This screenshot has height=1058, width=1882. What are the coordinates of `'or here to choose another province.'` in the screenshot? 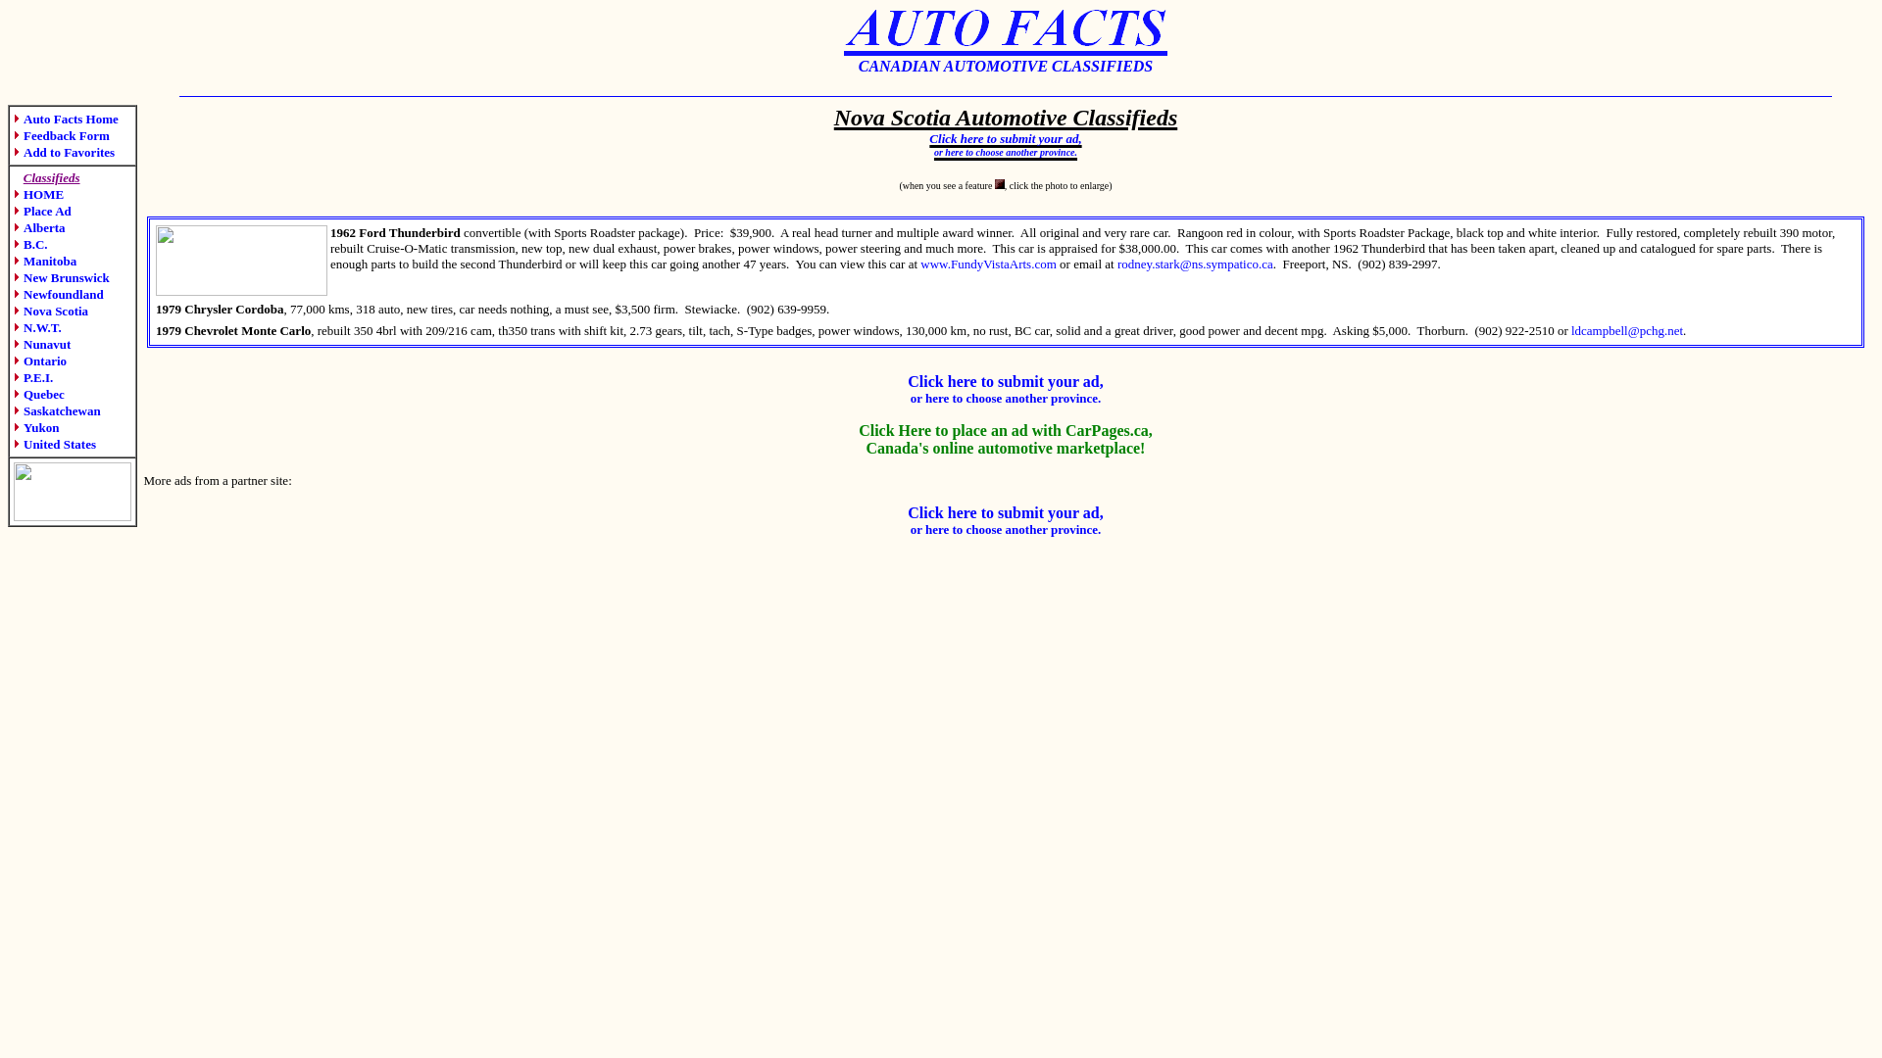 It's located at (1006, 397).